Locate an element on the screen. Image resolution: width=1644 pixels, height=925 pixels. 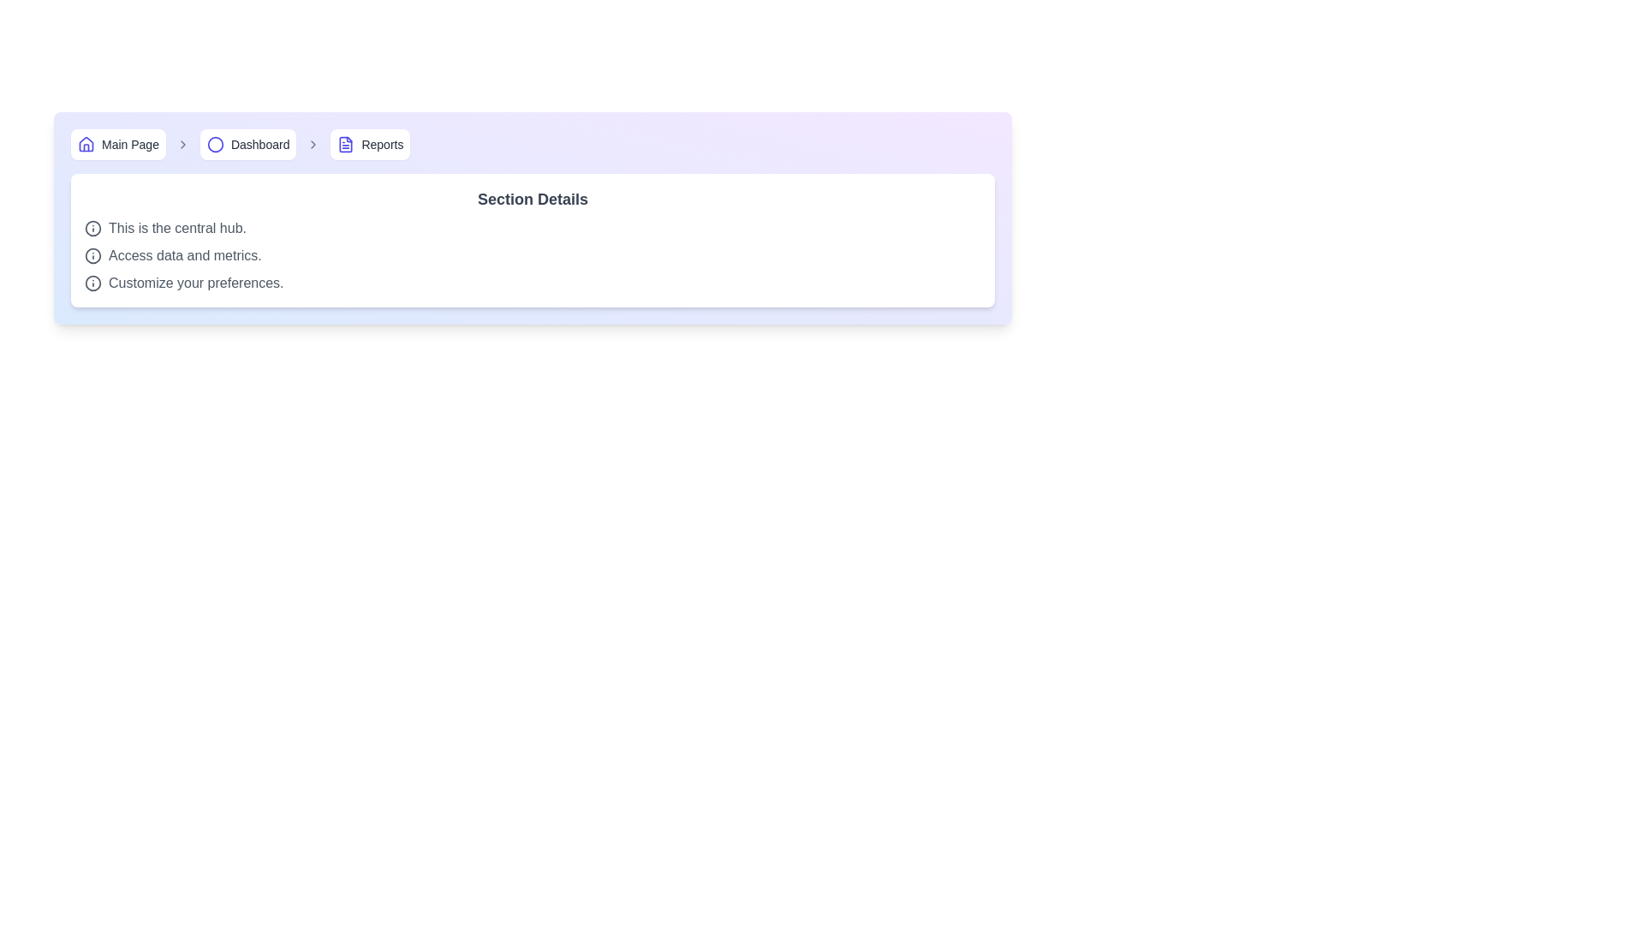
the information icon located to the far left of the text 'This is the central hub.' is located at coordinates (92, 227).